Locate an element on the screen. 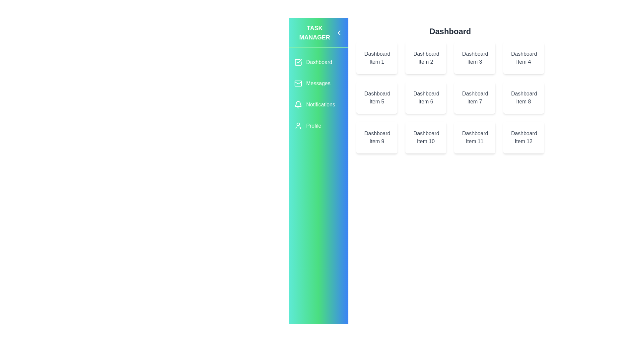  the Dashboard section in the sidebar is located at coordinates (318, 62).